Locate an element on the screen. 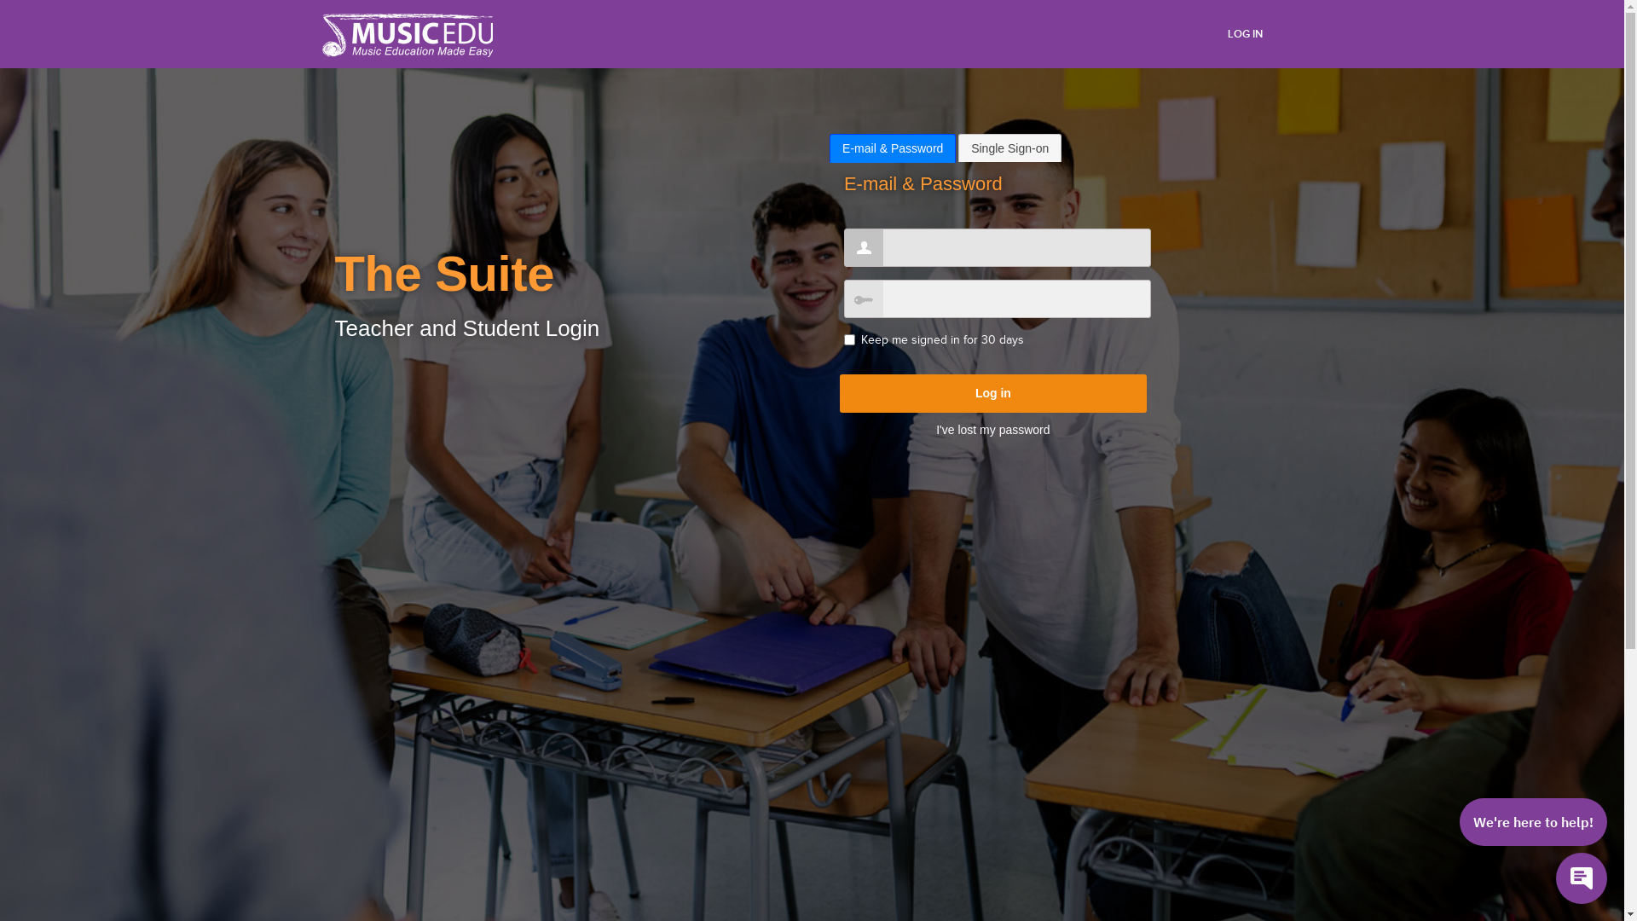  'I've lost my password' is located at coordinates (992, 429).